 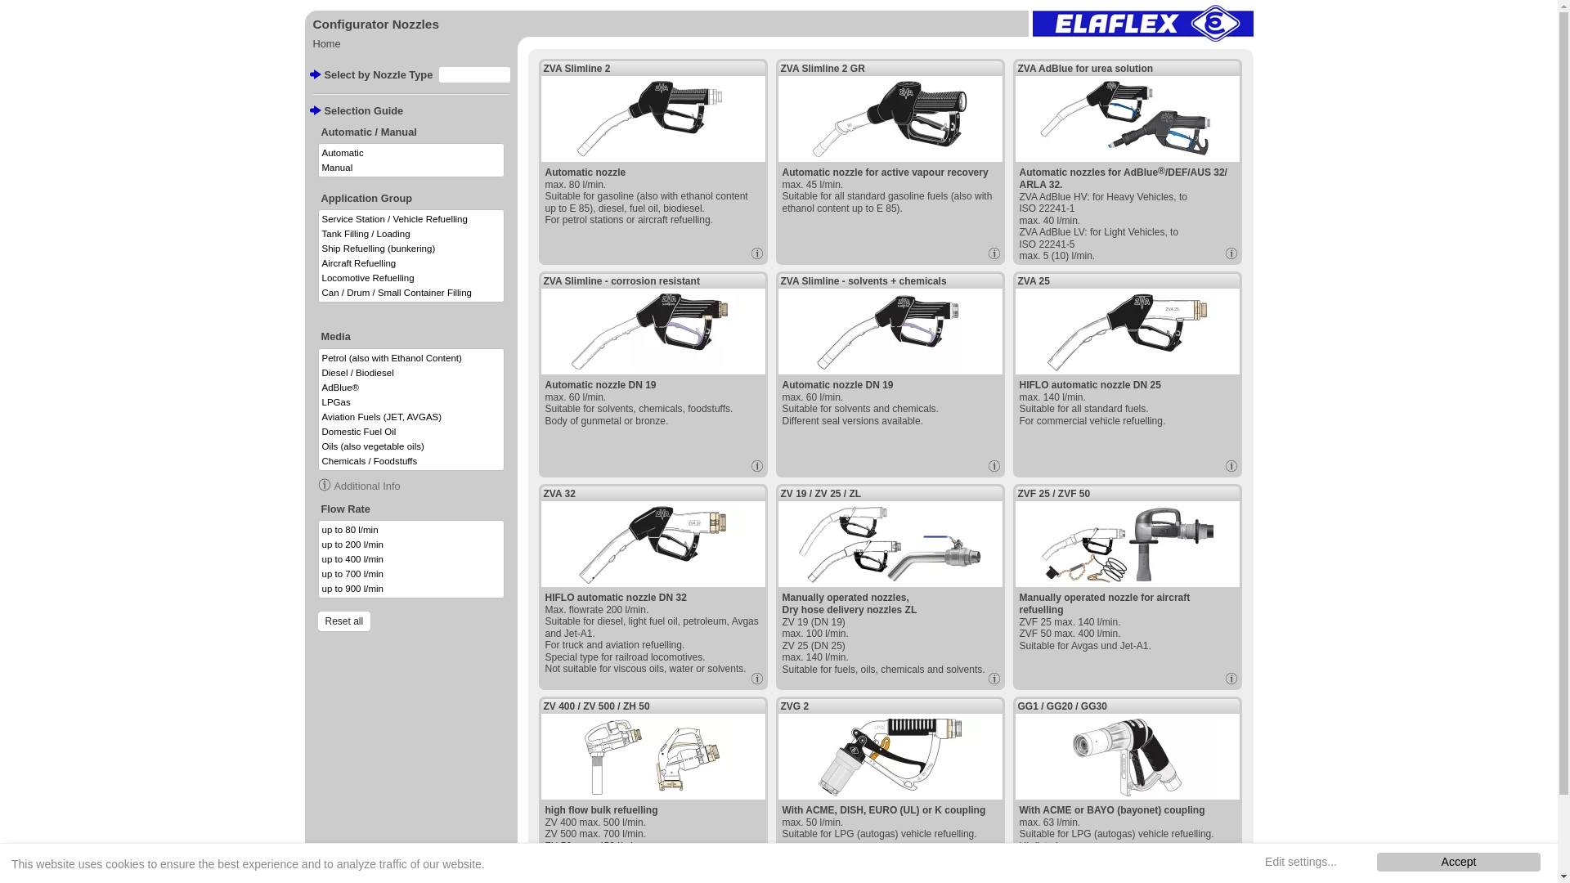 I want to click on 'up to 700 l/min', so click(x=411, y=573).